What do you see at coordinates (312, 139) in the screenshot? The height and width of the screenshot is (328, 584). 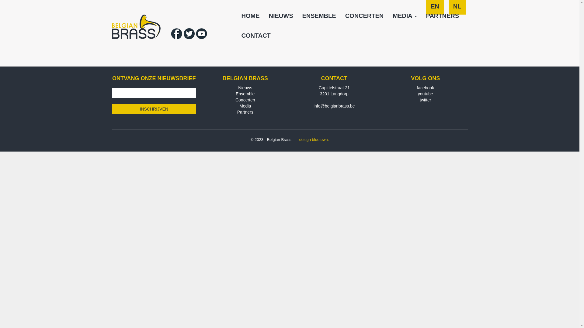 I see `'bluetown.'` at bounding box center [312, 139].